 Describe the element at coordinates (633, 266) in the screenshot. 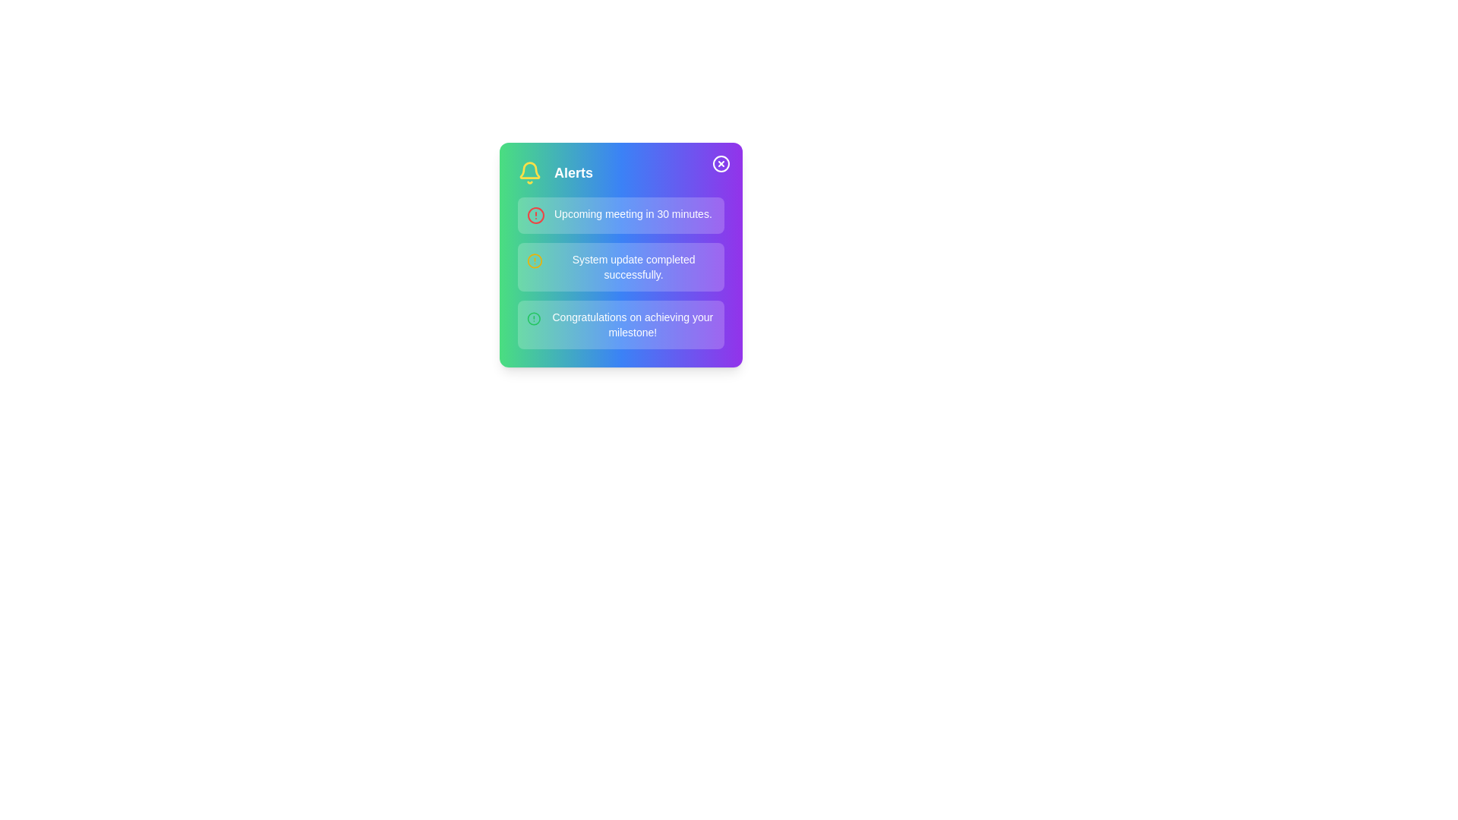

I see `the notification text label that conveys information about the completion of a system update, which is positioned to the right of a yellow circular alert icon in the second item of a vertical list of alerts` at that location.